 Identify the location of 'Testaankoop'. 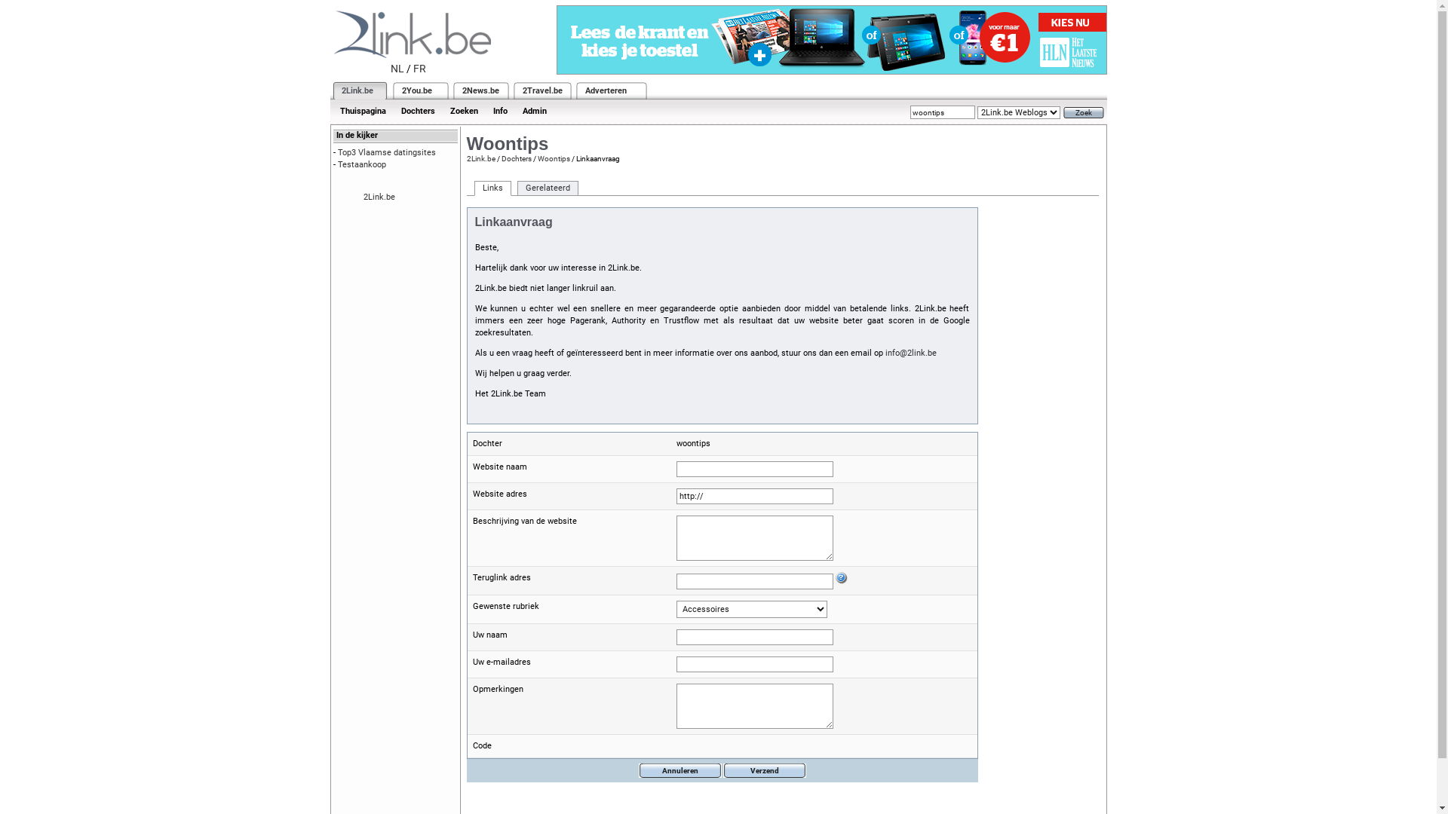
(362, 164).